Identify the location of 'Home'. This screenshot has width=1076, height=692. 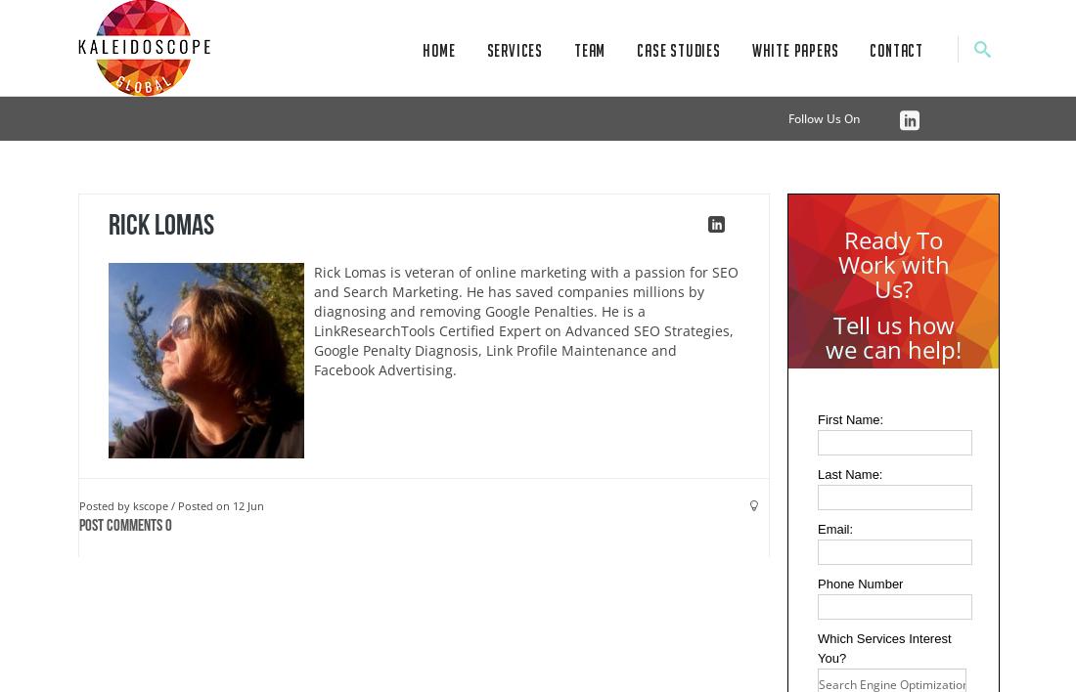
(437, 50).